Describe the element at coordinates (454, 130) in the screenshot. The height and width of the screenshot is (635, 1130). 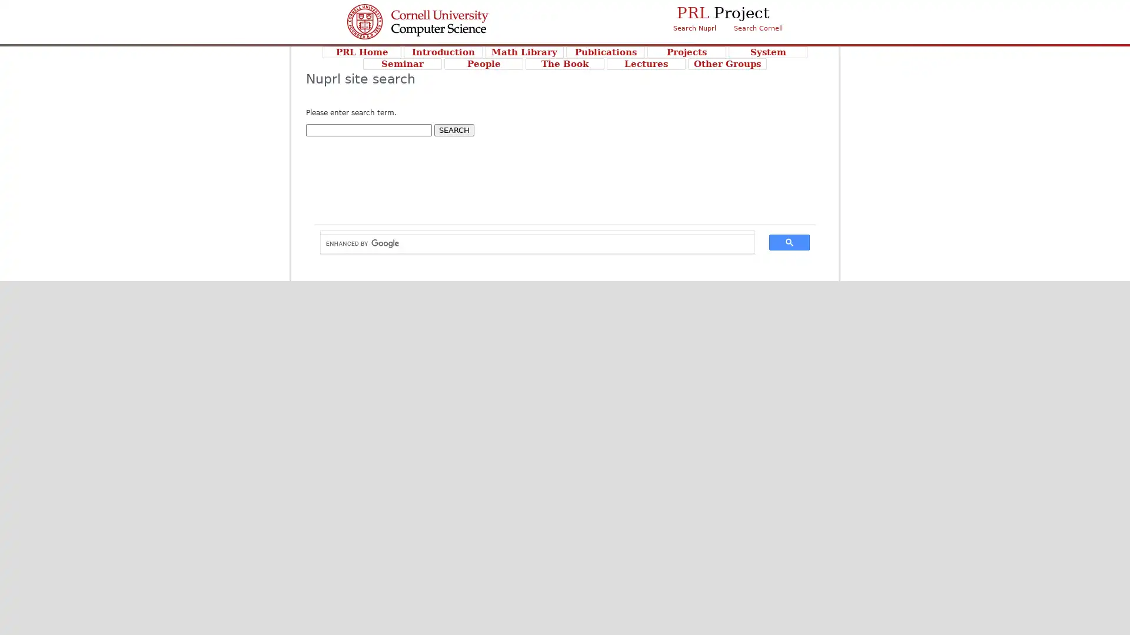
I see `SEARCH` at that location.